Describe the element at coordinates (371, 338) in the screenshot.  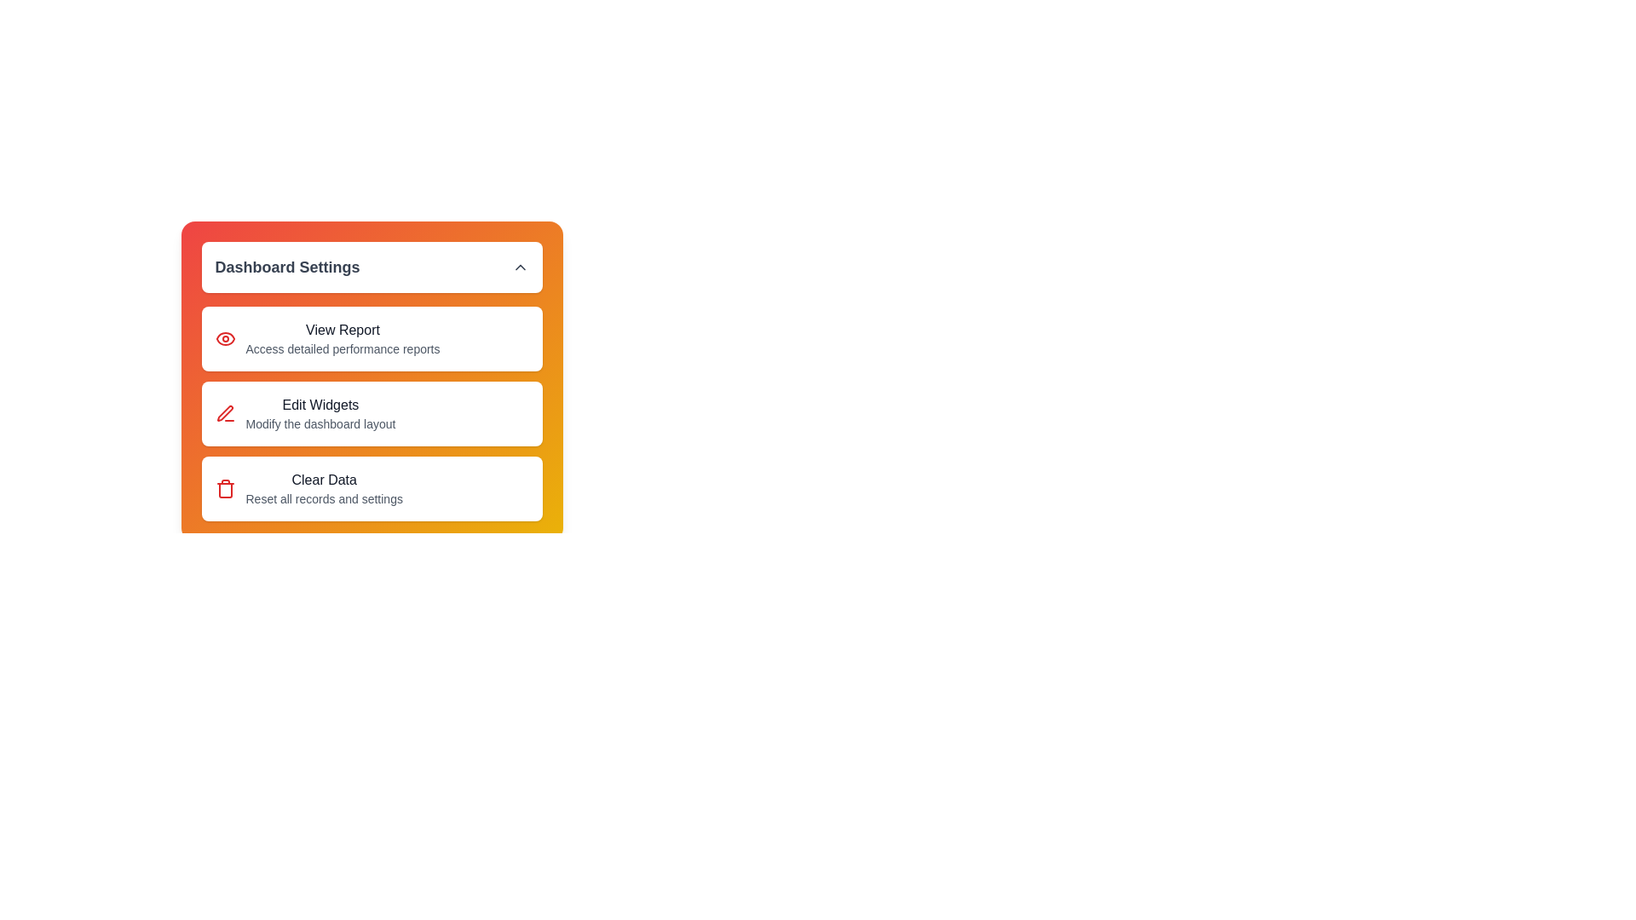
I see `the menu option View Report` at that location.